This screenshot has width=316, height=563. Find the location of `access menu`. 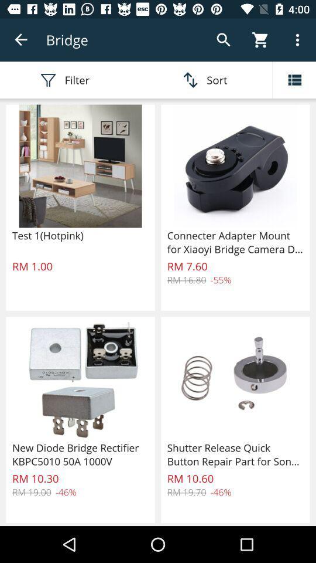

access menu is located at coordinates (294, 79).